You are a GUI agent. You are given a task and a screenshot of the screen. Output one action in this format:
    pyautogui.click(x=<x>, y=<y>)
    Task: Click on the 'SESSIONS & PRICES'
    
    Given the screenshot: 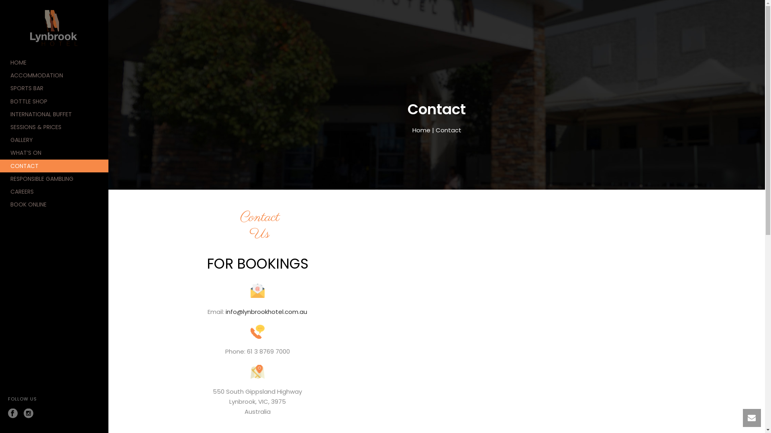 What is the action you would take?
    pyautogui.click(x=0, y=126)
    